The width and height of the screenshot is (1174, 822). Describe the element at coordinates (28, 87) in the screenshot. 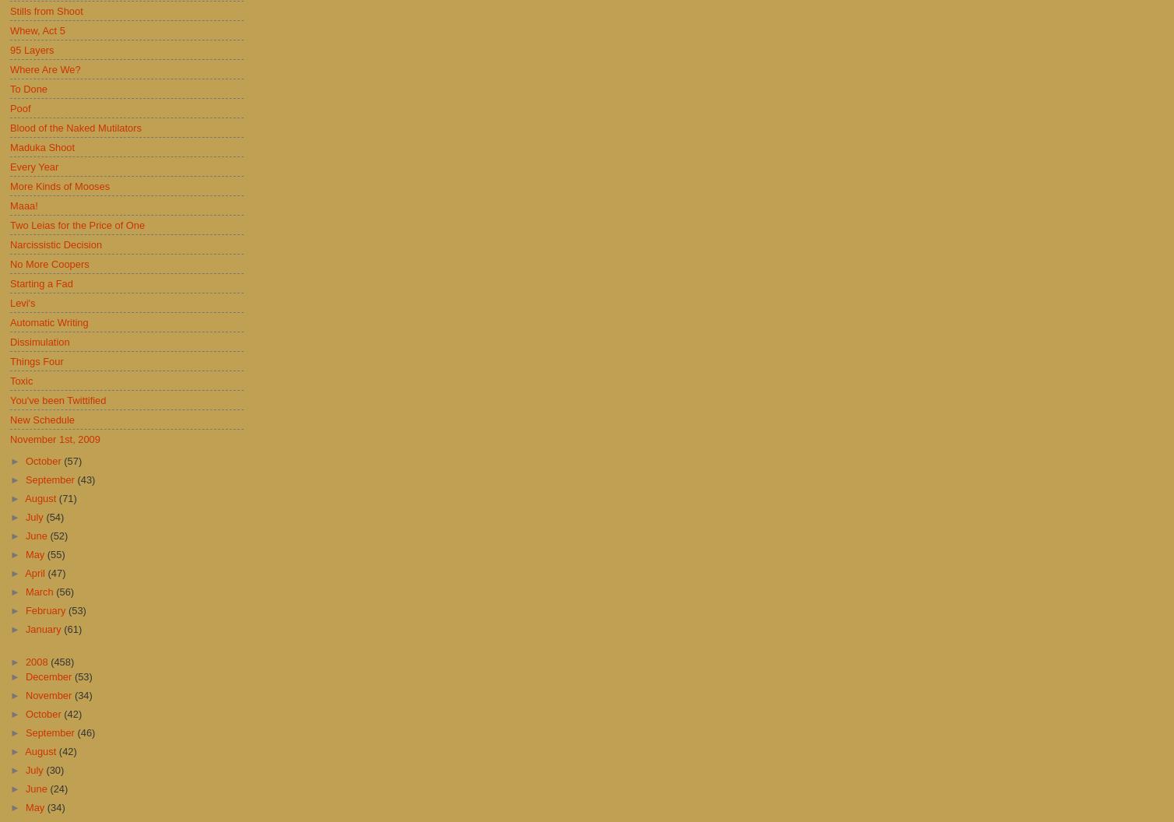

I see `'To Done'` at that location.